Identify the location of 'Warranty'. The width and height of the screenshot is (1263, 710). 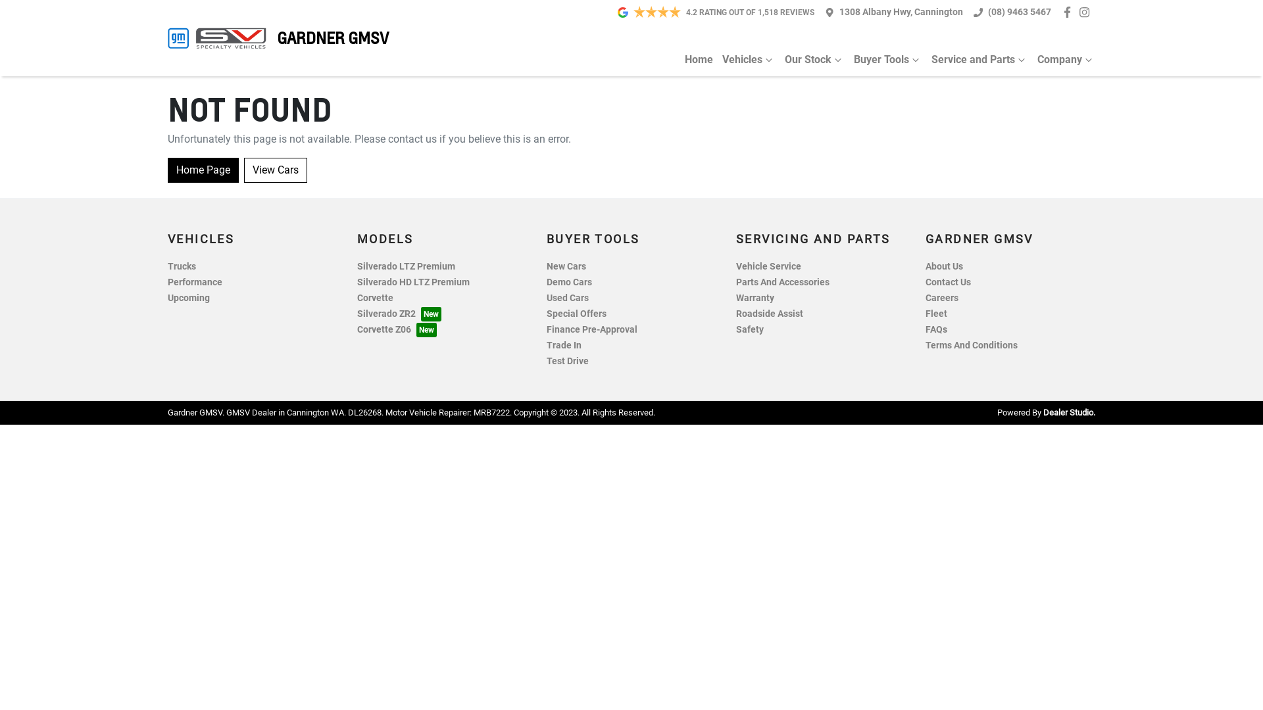
(755, 298).